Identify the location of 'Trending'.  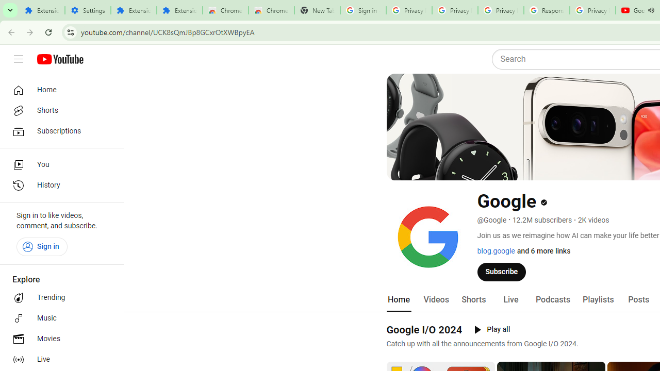
(58, 298).